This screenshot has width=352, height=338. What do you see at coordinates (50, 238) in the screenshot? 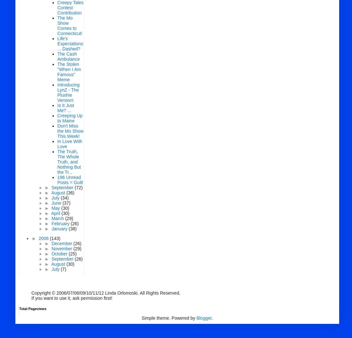
I see `'(143)'` at bounding box center [50, 238].